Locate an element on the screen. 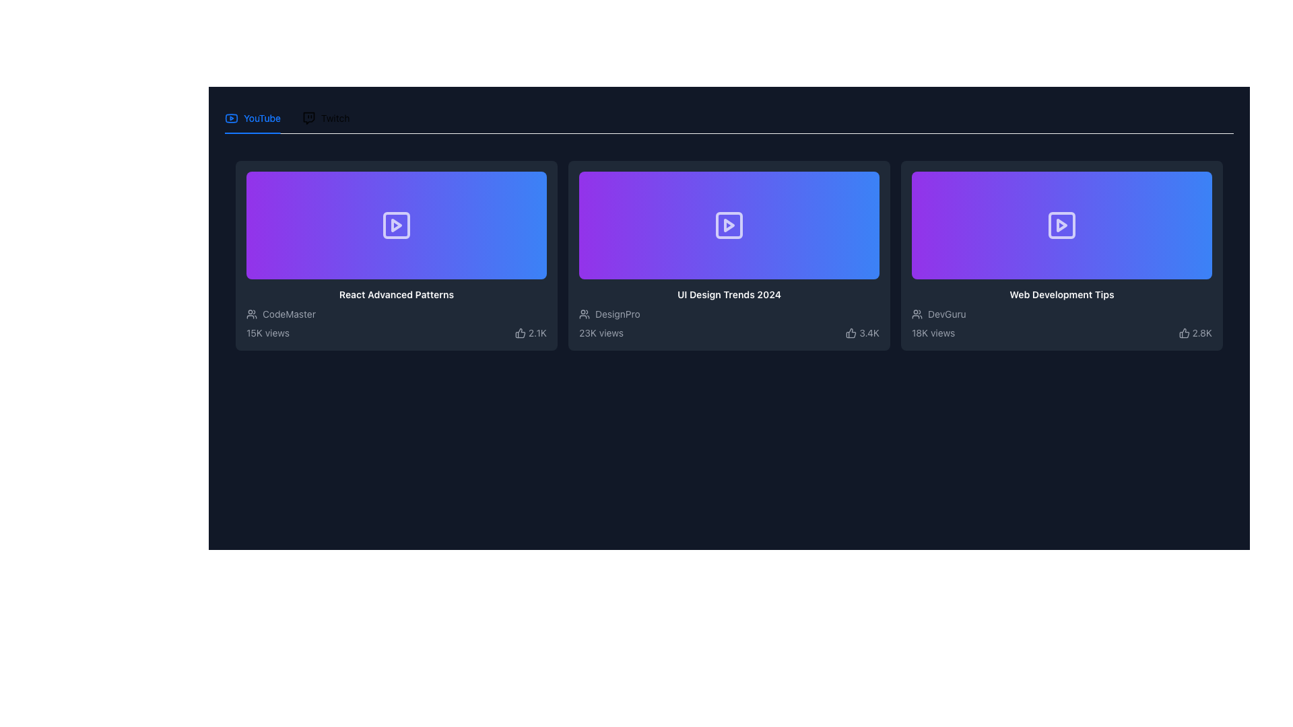  the YouTube tab, which is the first tab in the navigation bar, featuring a play button icon and a blue highlight indicating its active state is located at coordinates (253, 118).